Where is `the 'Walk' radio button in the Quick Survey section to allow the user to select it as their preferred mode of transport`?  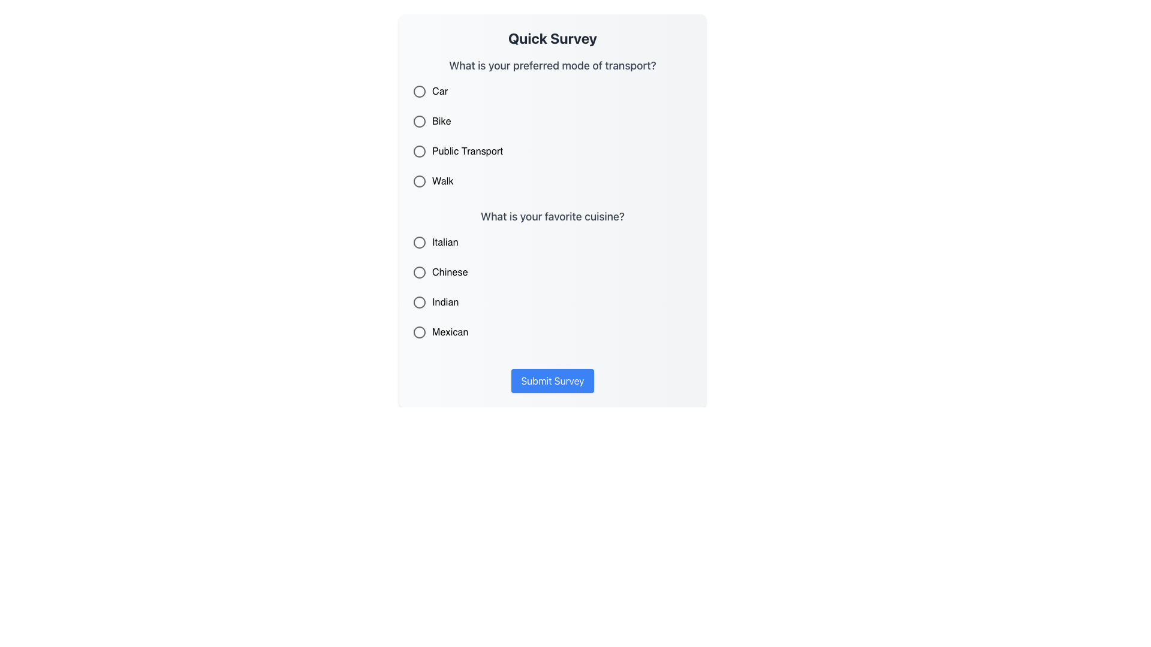 the 'Walk' radio button in the Quick Survey section to allow the user to select it as their preferred mode of transport is located at coordinates (420, 182).